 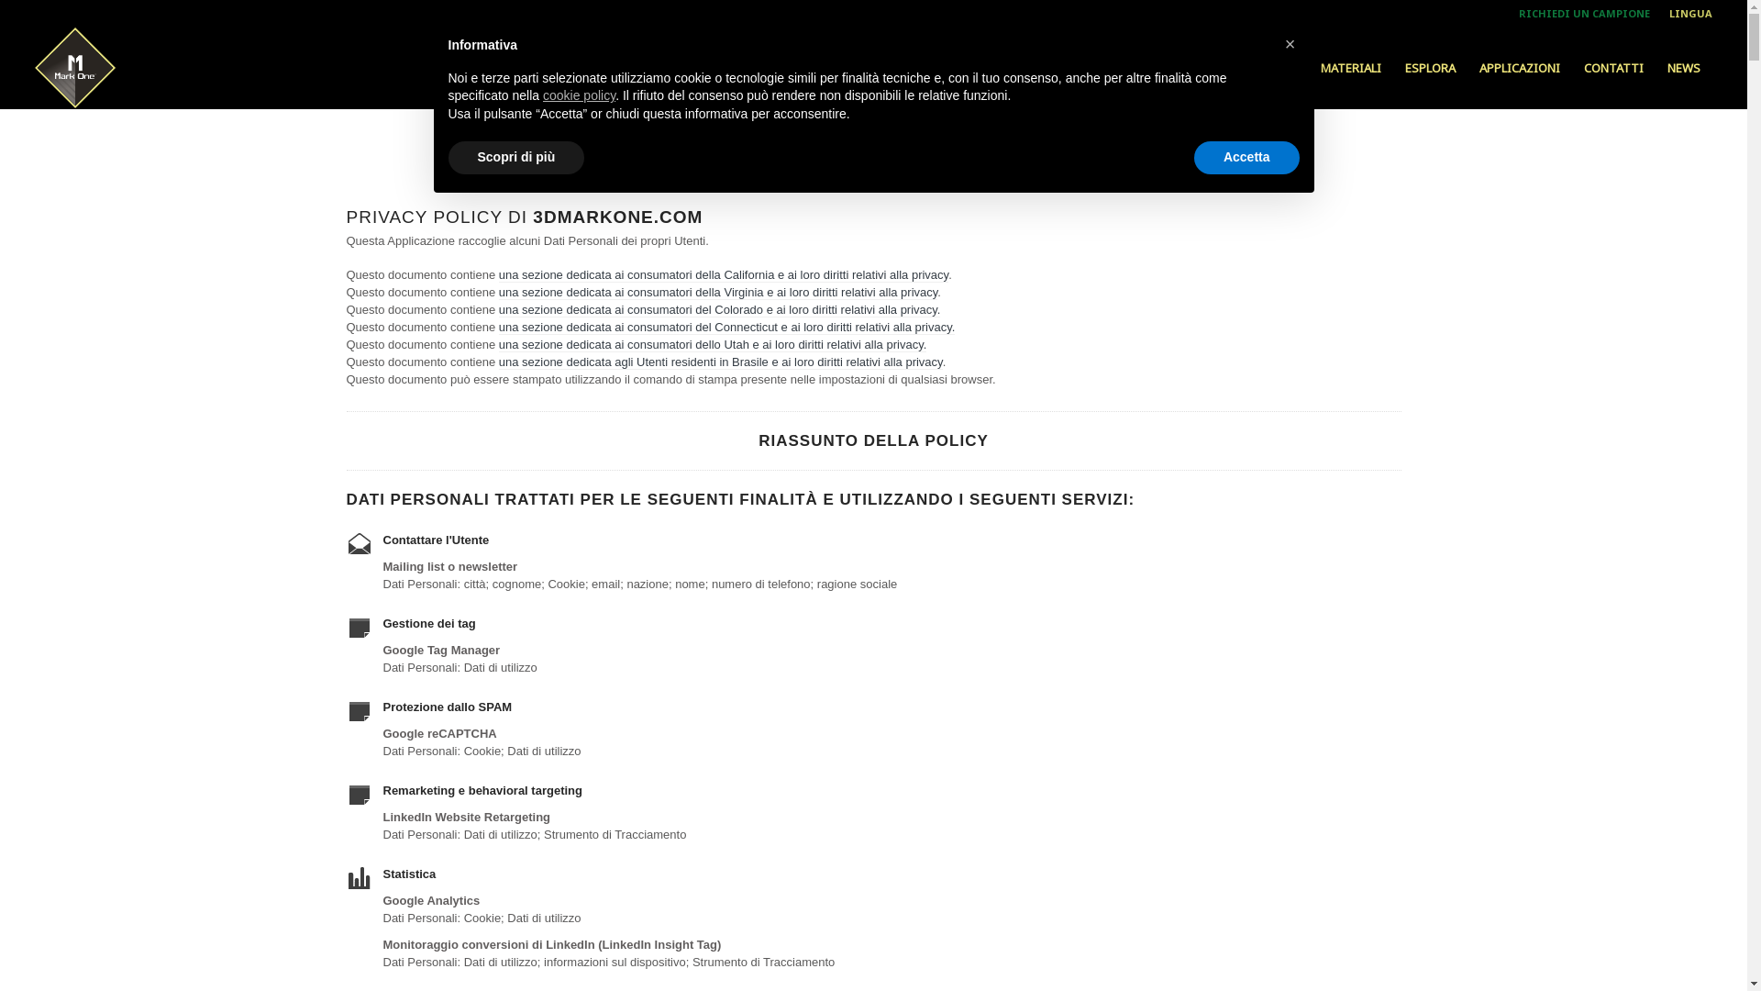 What do you see at coordinates (1246, 157) in the screenshot?
I see `'Accetta'` at bounding box center [1246, 157].